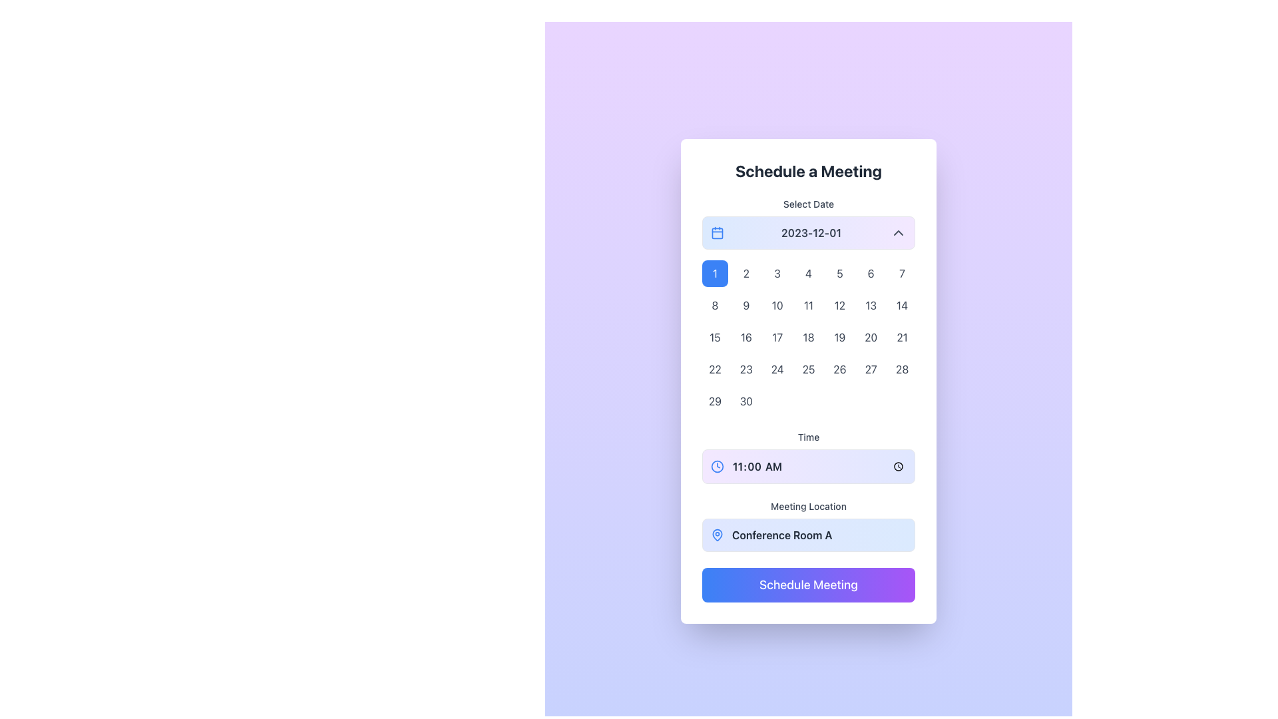 The width and height of the screenshot is (1278, 719). What do you see at coordinates (714, 273) in the screenshot?
I see `the button that displays the numeric text '1' with a blue background, located in the first row and first column of the calendar date grid` at bounding box center [714, 273].